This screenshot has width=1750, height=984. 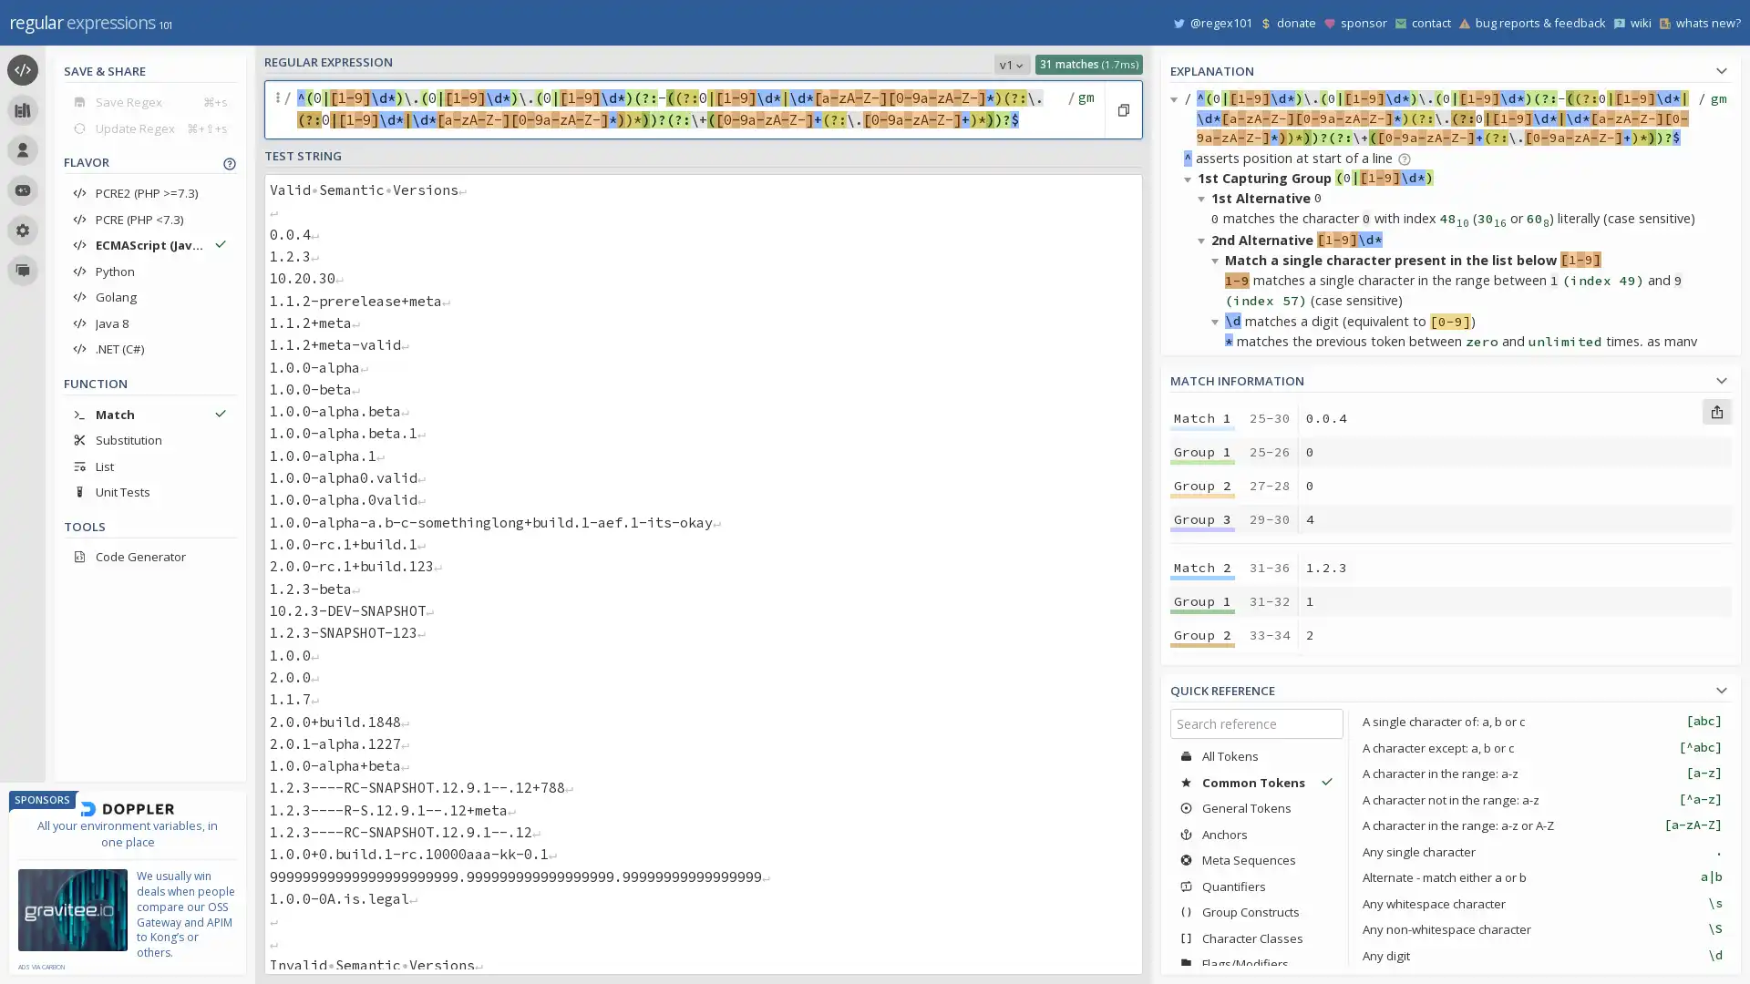 I want to click on Export Matches, so click(x=1715, y=411).